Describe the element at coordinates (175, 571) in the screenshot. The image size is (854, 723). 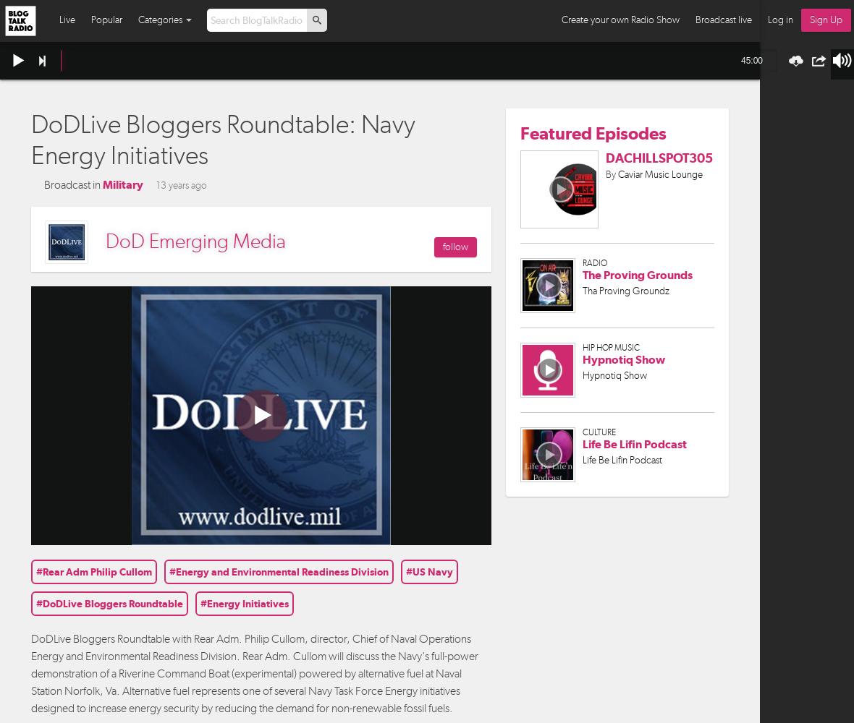
I see `'Energy and Environmental Readiness Division'` at that location.